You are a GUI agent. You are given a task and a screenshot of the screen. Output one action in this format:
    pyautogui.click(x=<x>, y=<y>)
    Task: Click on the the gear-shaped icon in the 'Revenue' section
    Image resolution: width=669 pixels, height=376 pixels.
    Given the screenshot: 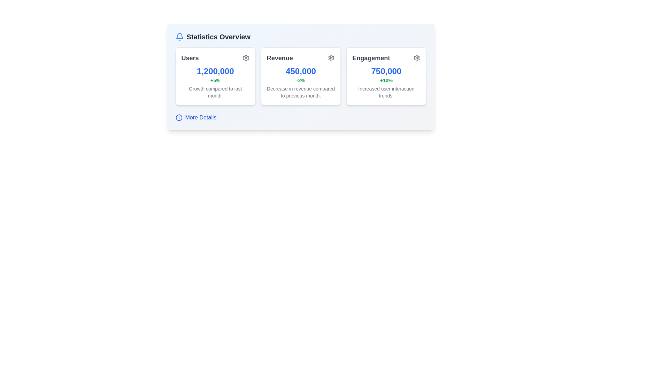 What is the action you would take?
    pyautogui.click(x=331, y=57)
    